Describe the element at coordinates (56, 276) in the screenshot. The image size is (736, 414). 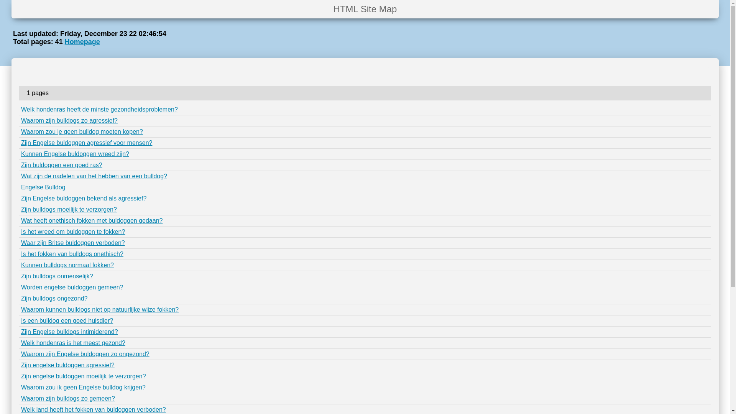
I see `'Zijn bulldogs onmenselijk?'` at that location.